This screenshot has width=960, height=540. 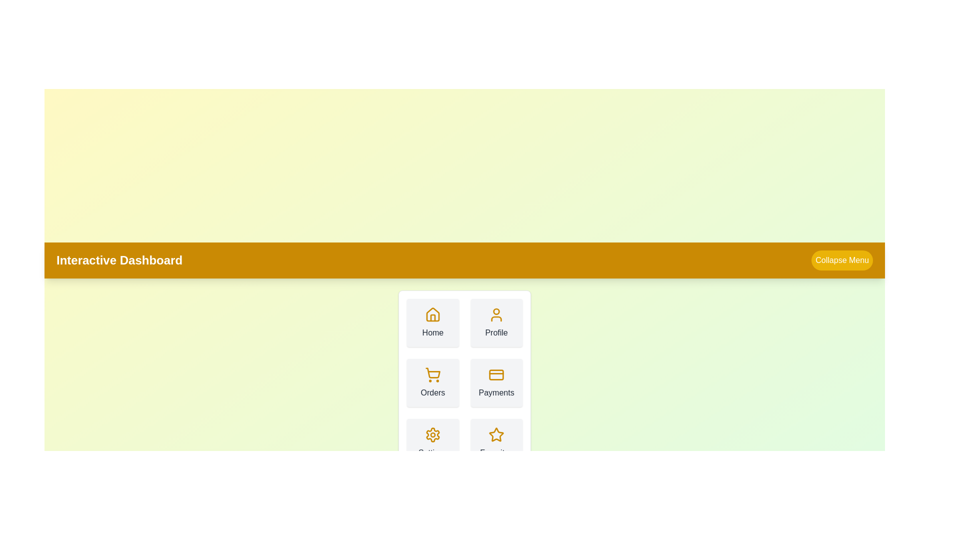 What do you see at coordinates (432, 374) in the screenshot?
I see `the icon corresponding to Orders` at bounding box center [432, 374].